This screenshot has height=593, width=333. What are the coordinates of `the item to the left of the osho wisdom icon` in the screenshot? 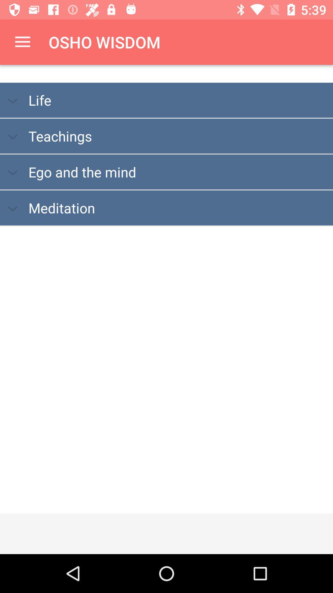 It's located at (22, 42).